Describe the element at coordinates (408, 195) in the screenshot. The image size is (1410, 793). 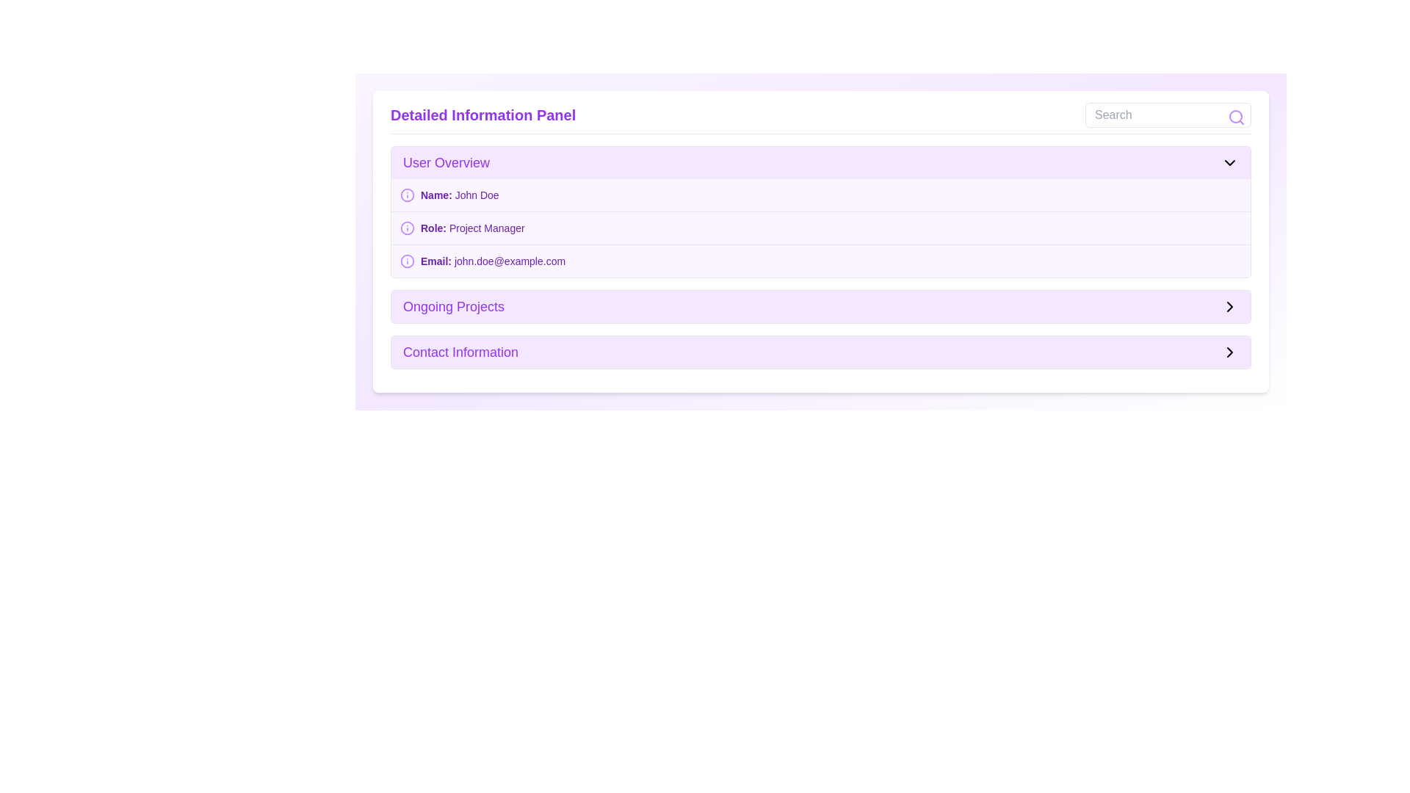
I see `decorative Graphical Circle associated with the 'Name: John Doe' label in the 'User Overview' section of the 'Detailed Information Panel' using developer tools` at that location.